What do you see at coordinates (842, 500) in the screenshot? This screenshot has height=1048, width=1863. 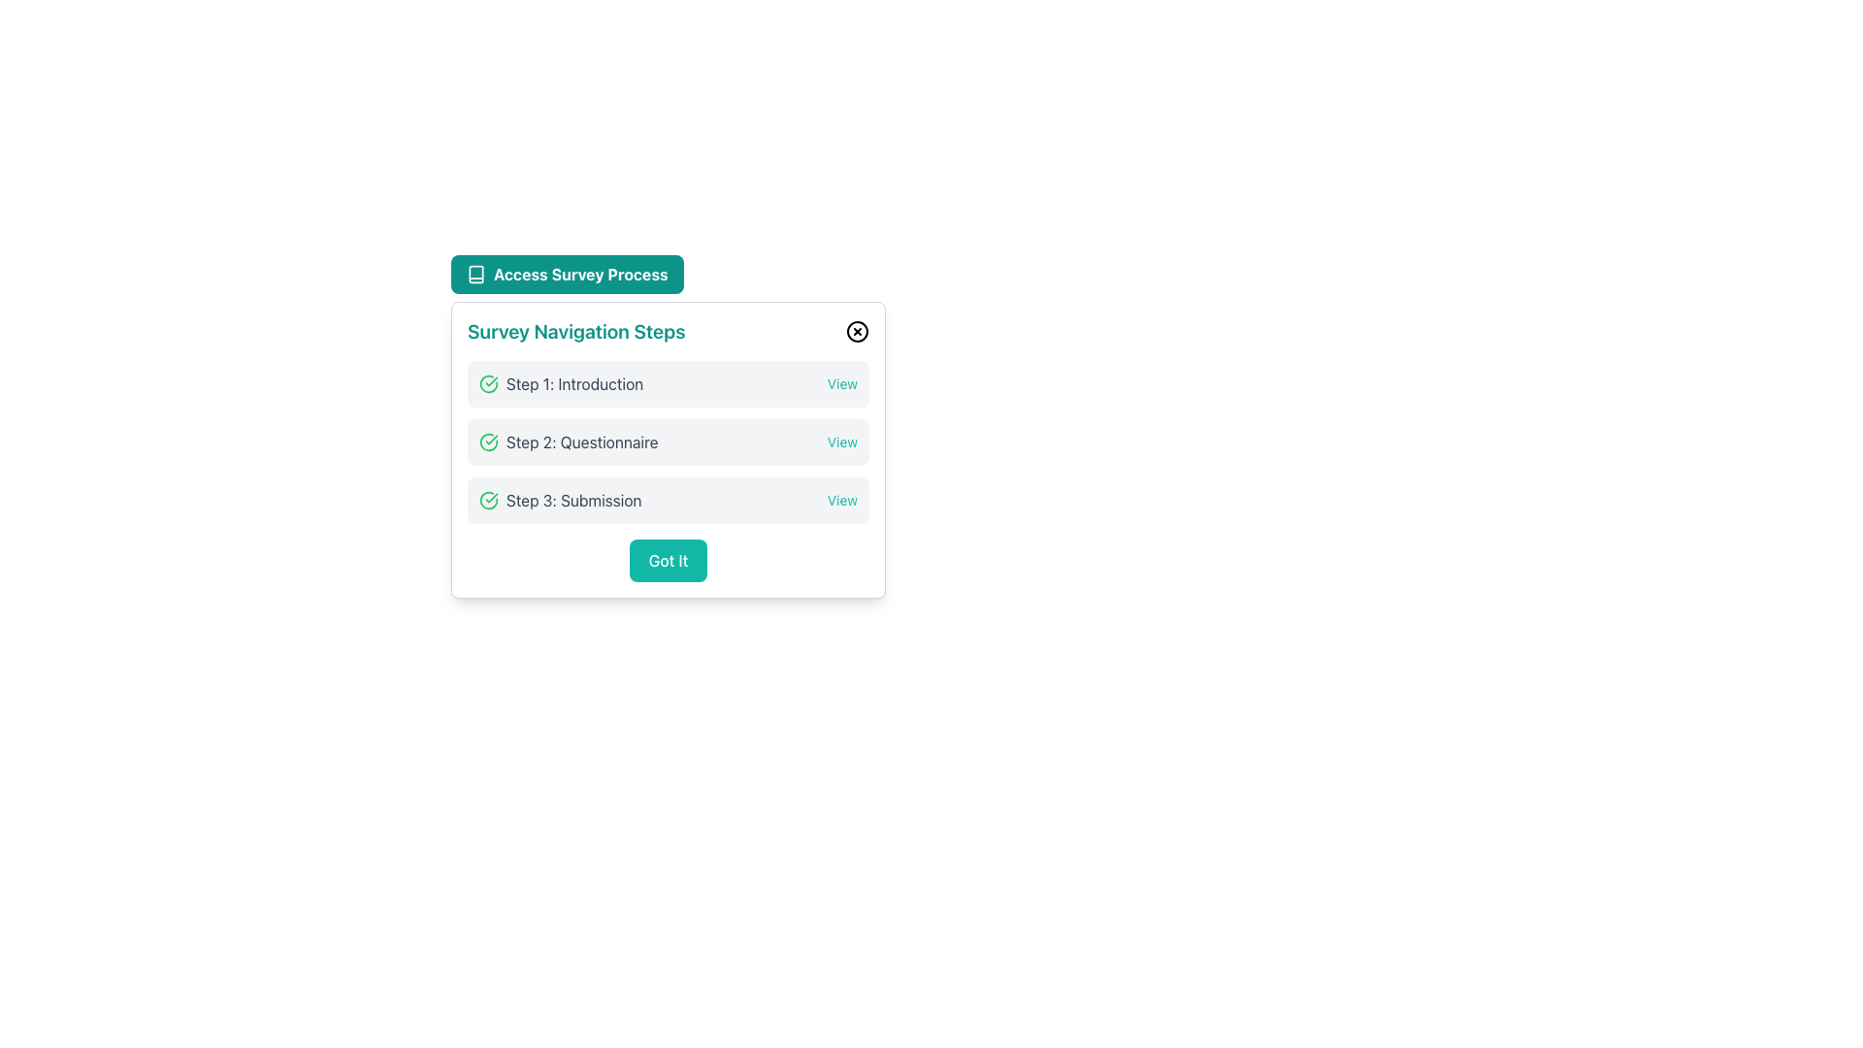 I see `the Text Link for 'View' functionality related to 'Step 3: Submission' located on the far right side of the section, aligned horizontally with the step text` at bounding box center [842, 500].